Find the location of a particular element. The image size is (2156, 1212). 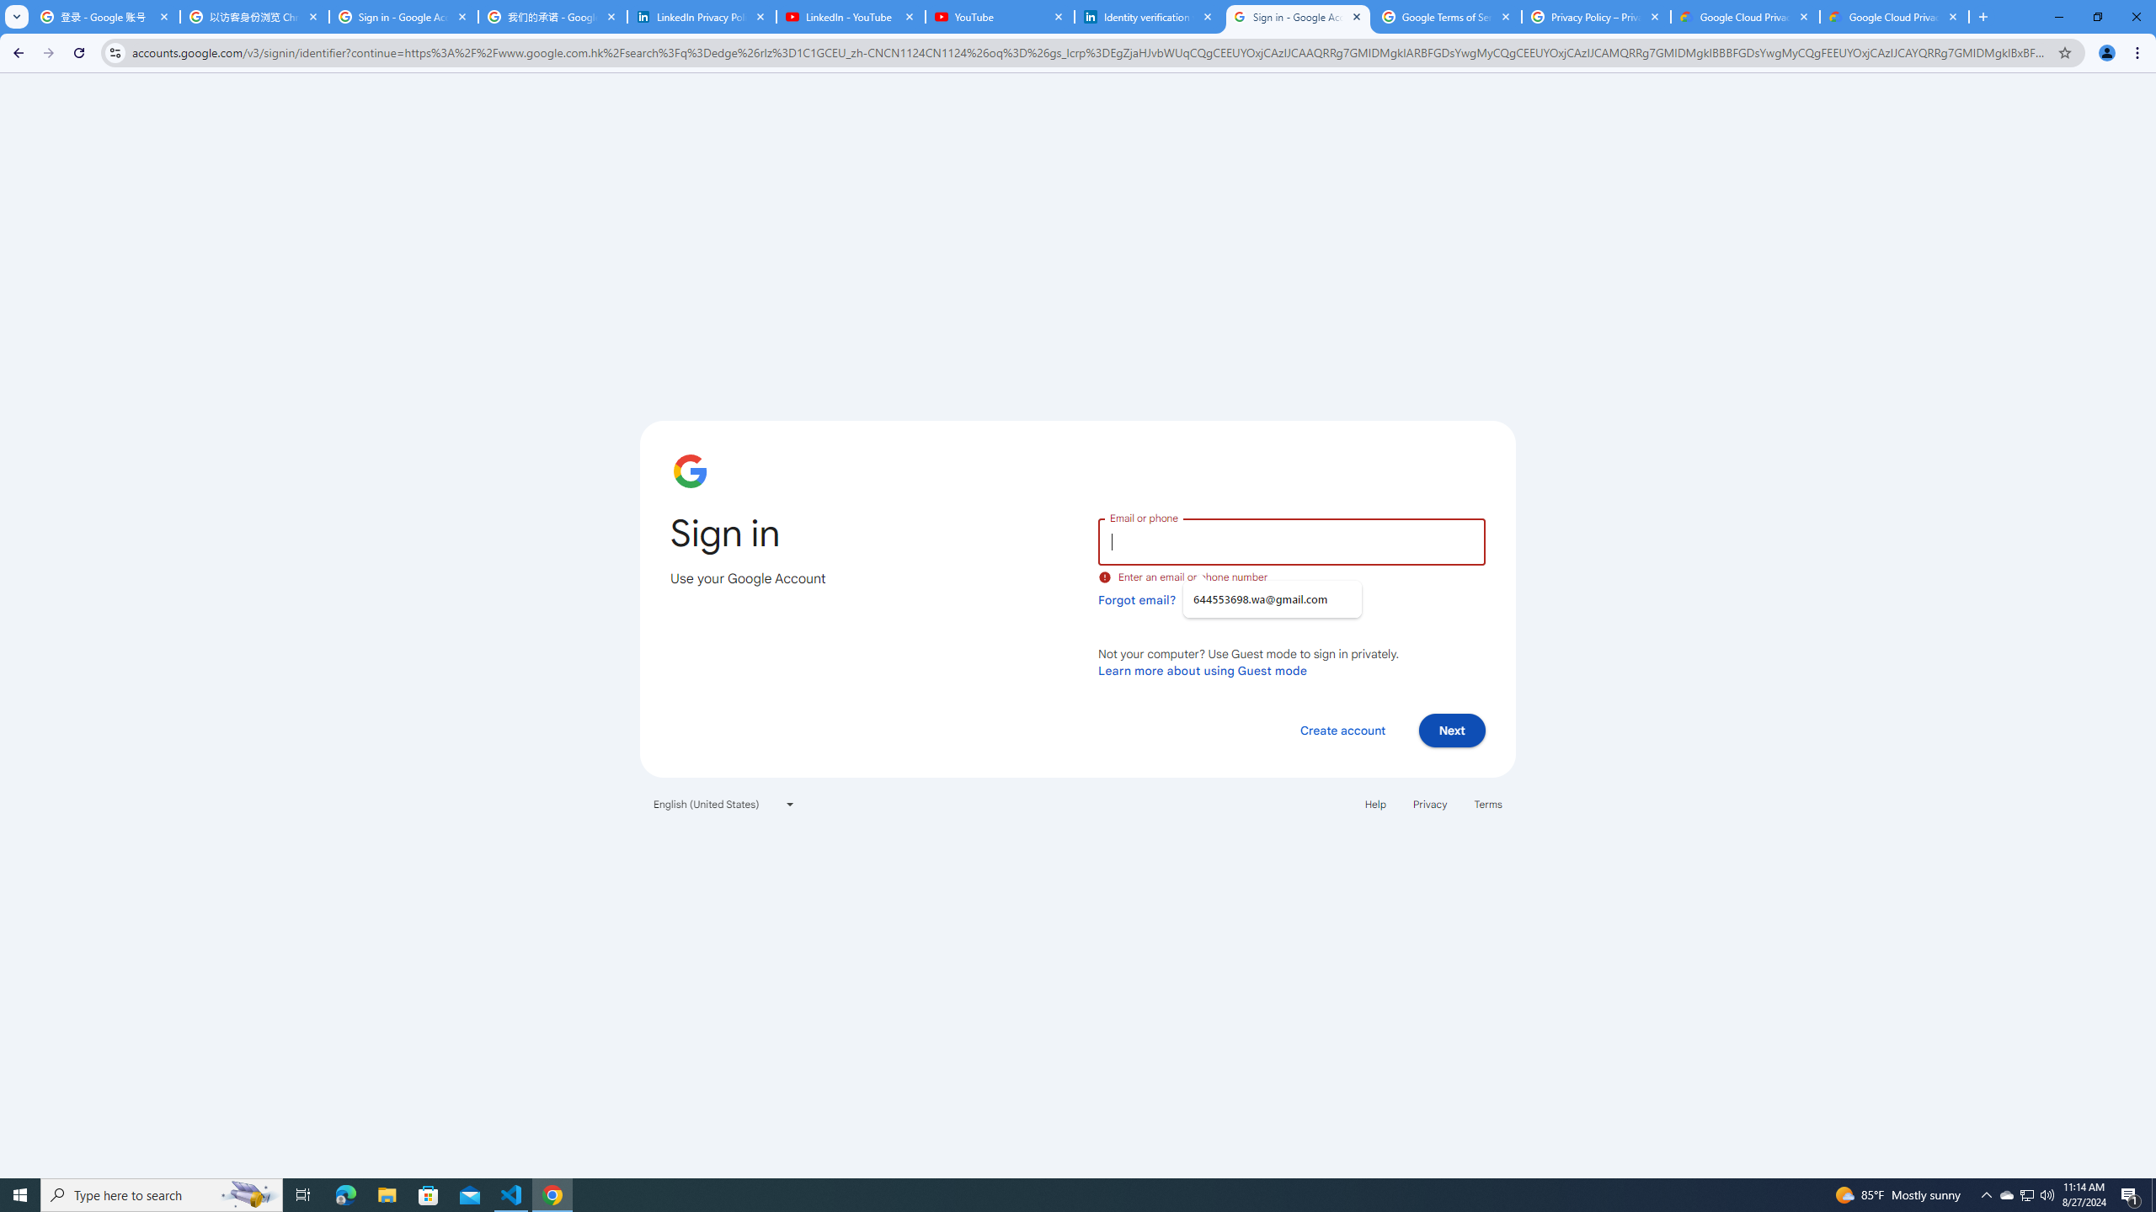

'Google Cloud Privacy Notice' is located at coordinates (1895, 16).